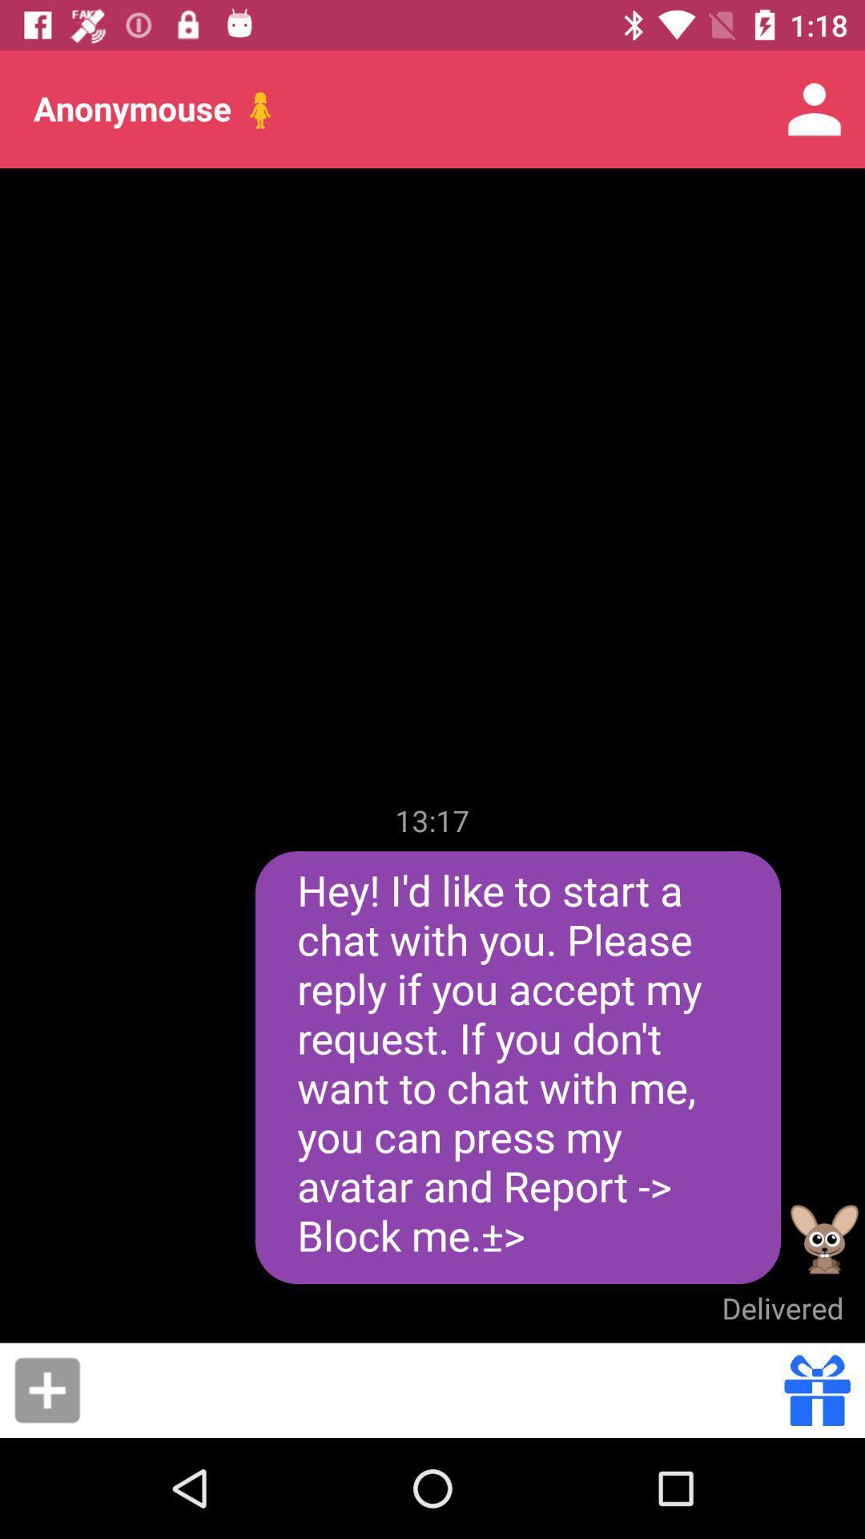 The image size is (865, 1539). I want to click on the icon to the right of the hey i d, so click(824, 1238).